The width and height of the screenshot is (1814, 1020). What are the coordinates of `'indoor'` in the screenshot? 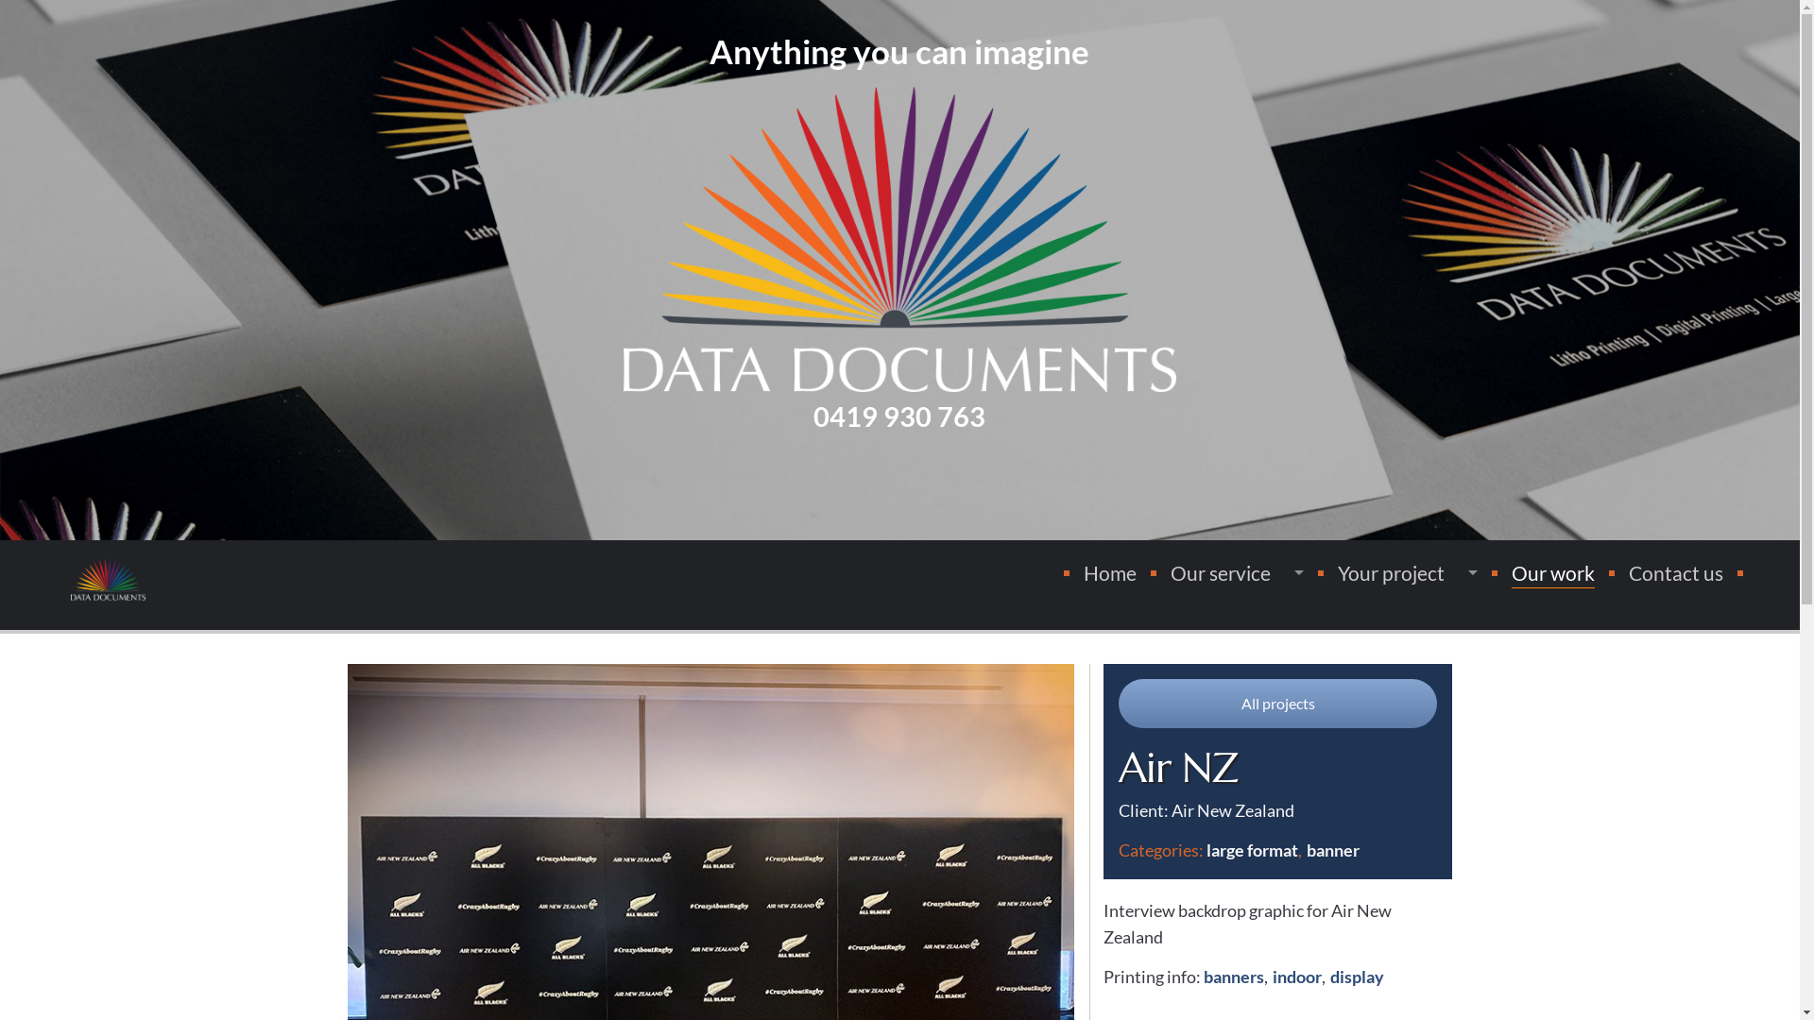 It's located at (1295, 977).